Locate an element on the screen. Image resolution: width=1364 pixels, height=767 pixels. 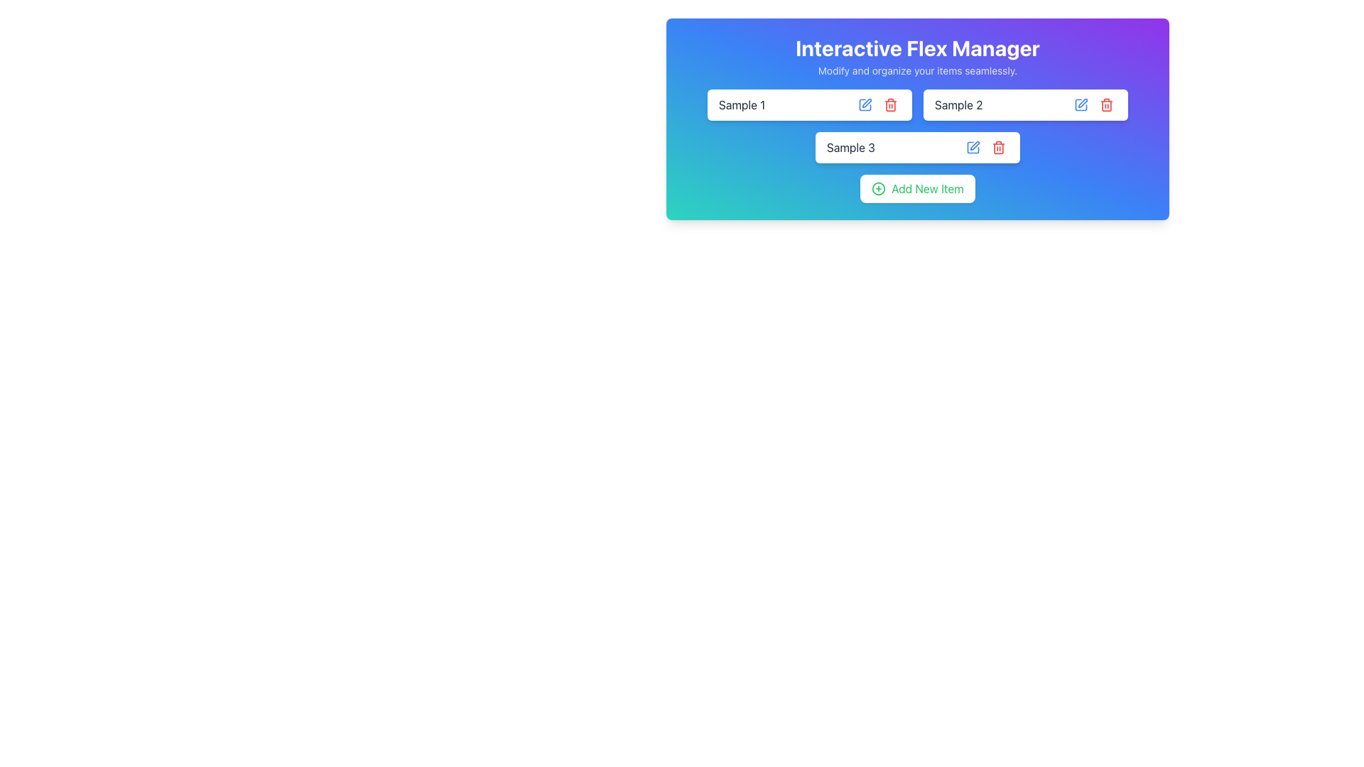
the red trash bin icon button located to the right of the edit icon in the row associated with 'Sample 3' is located at coordinates (998, 148).